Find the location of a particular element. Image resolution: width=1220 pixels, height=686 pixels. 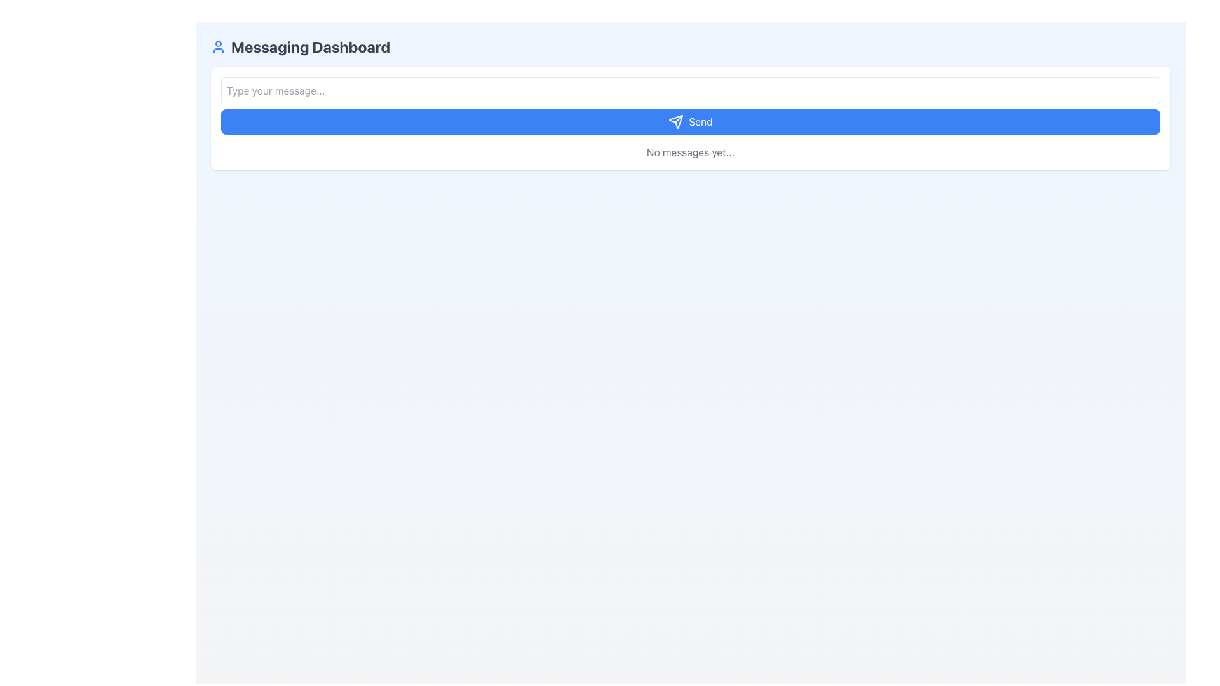

the static text label indicating the absence of messages, located at the bottom of the interface box, below the blue 'Send' button is located at coordinates (689, 151).